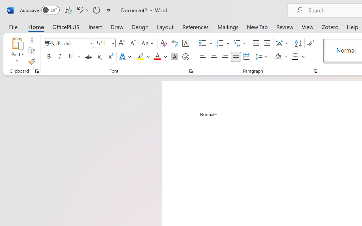  I want to click on 'Paste', so click(17, 51).